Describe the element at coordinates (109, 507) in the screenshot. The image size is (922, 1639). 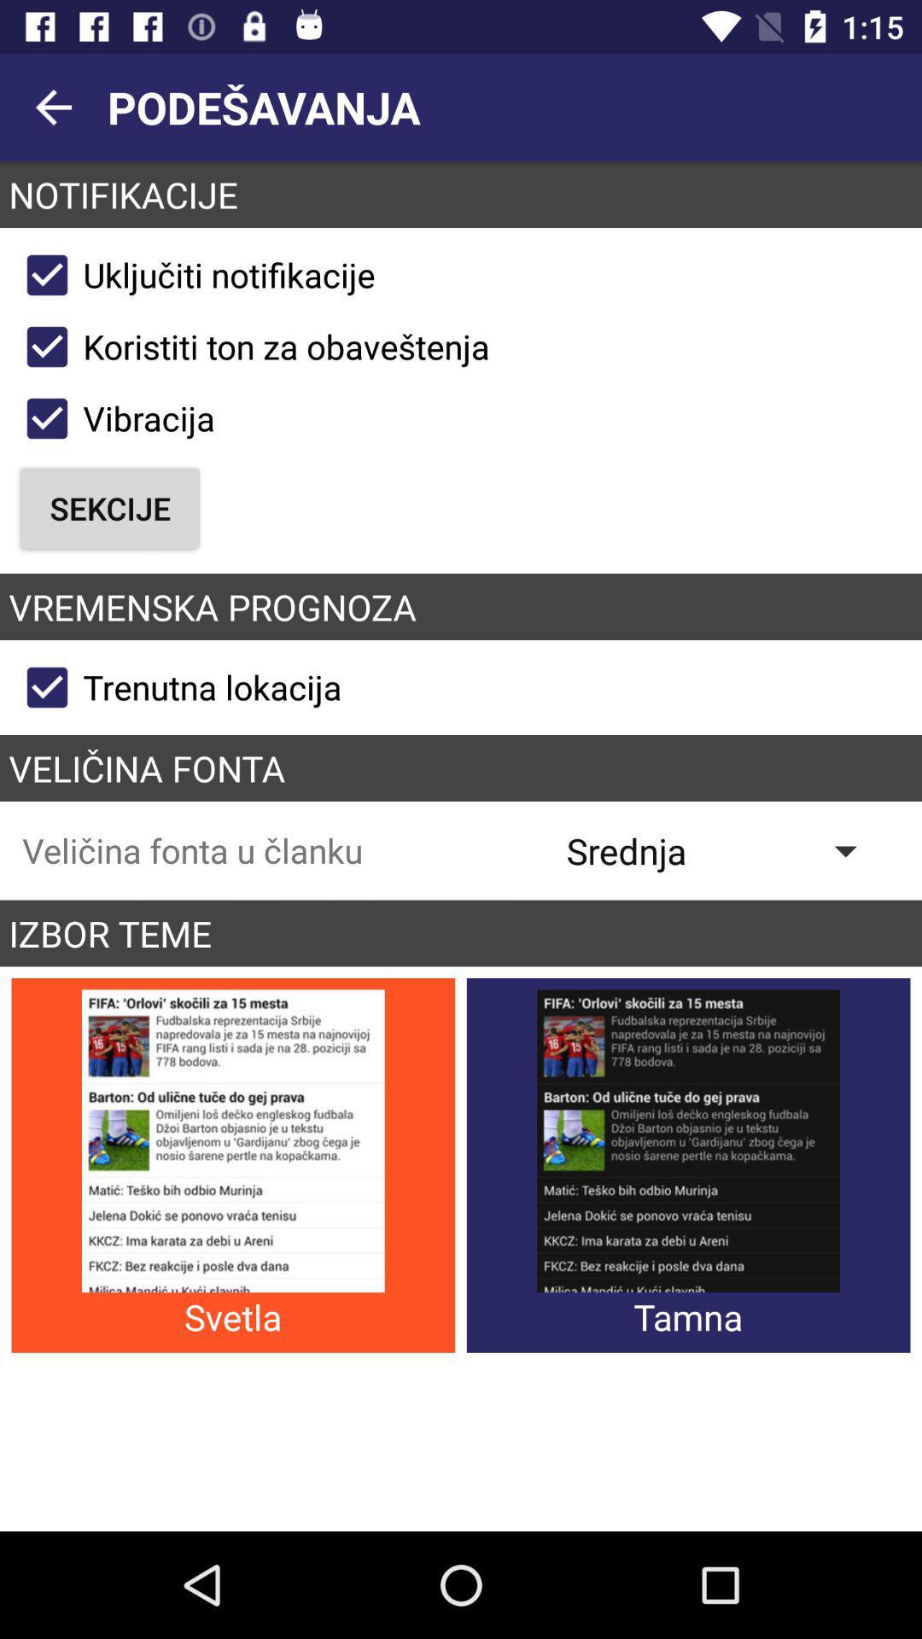
I see `icon below vibracija checkbox` at that location.